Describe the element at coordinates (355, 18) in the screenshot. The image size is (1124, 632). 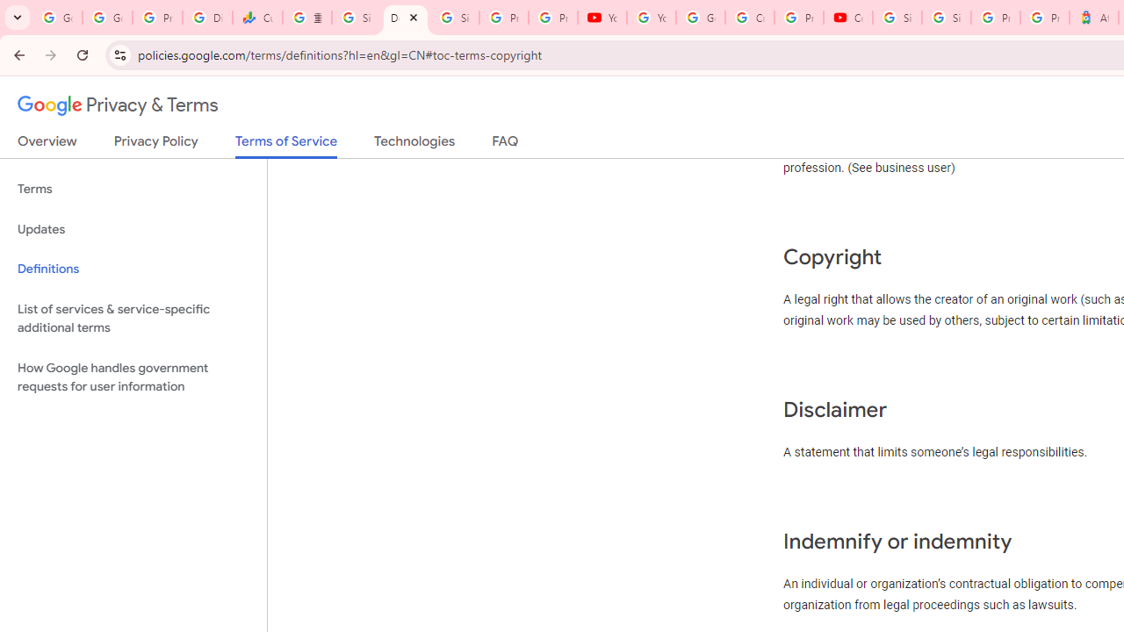
I see `'Sign in - Google Accounts'` at that location.